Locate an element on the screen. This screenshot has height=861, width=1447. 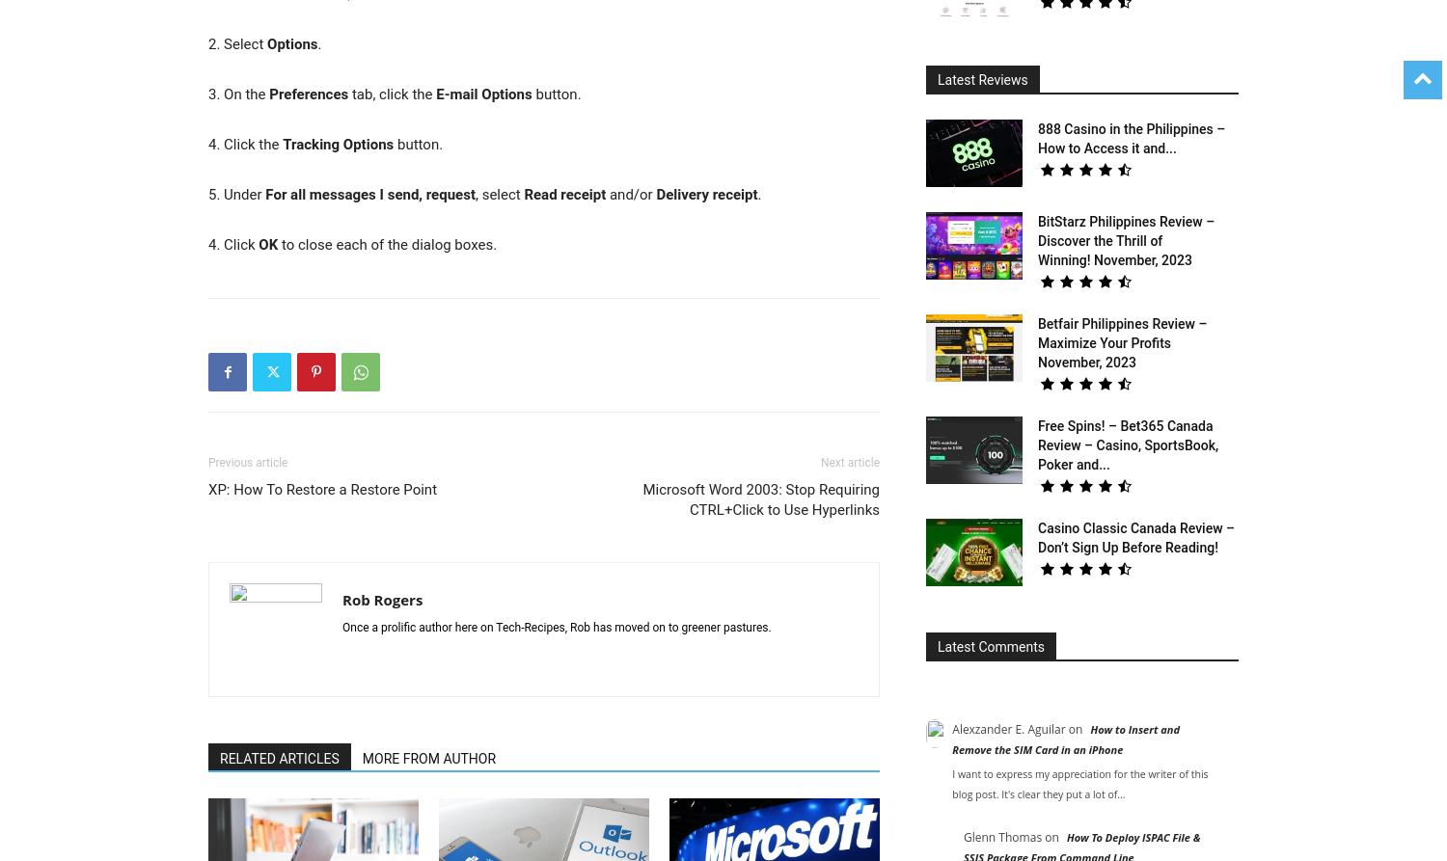
'Free Spins! – Bet365 Canada Review – Casino, SportsBook, Poker and...' is located at coordinates (1128, 444).